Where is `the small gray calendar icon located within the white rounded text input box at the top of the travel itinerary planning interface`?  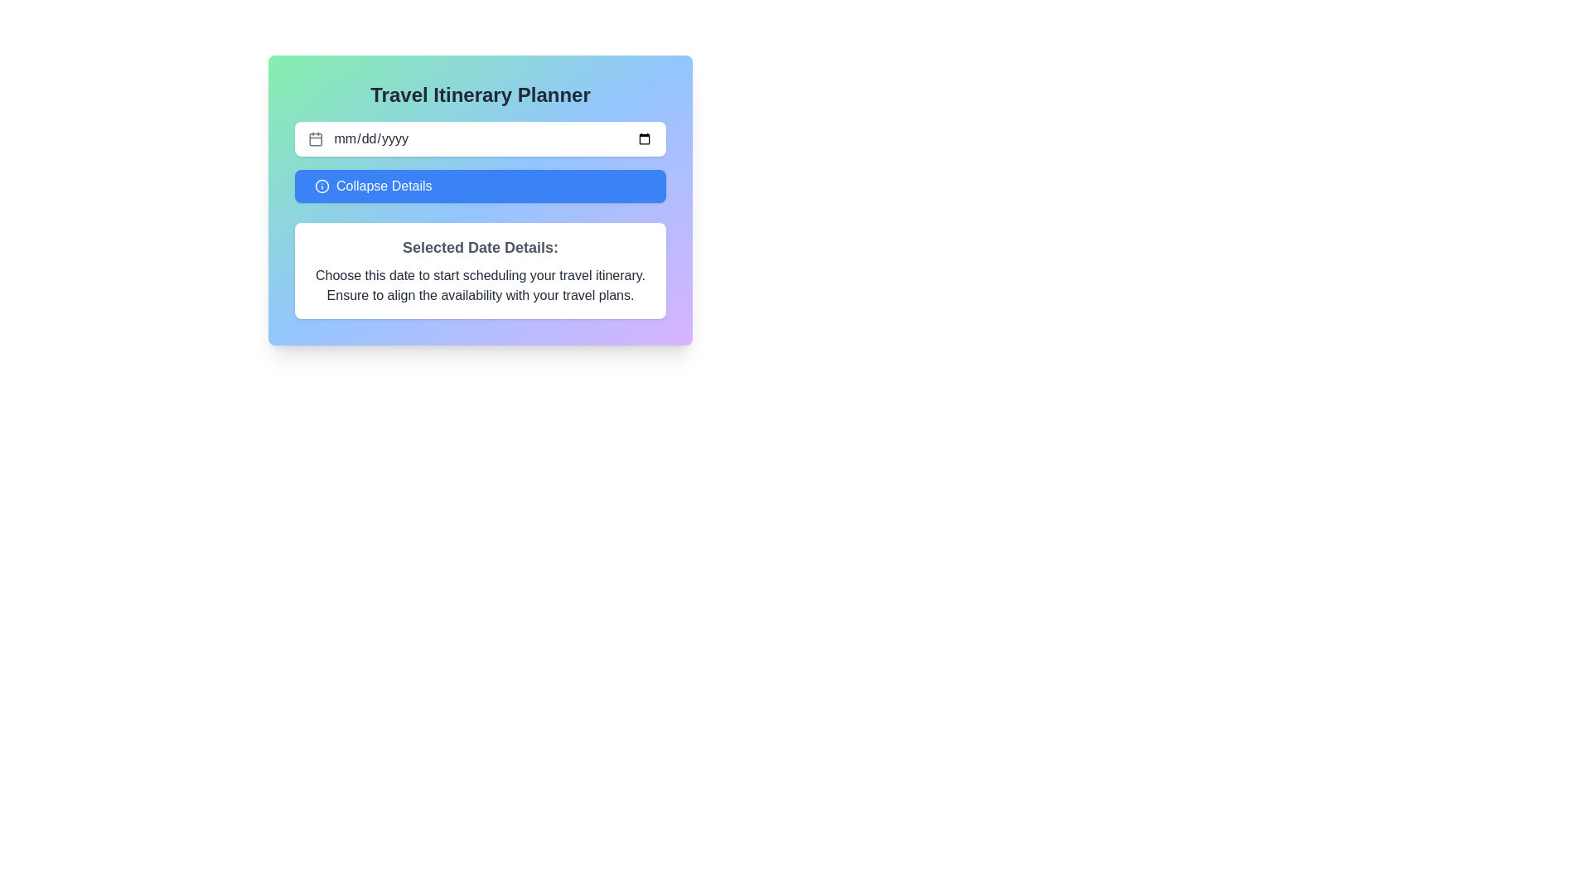
the small gray calendar icon located within the white rounded text input box at the top of the travel itinerary planning interface is located at coordinates (316, 138).